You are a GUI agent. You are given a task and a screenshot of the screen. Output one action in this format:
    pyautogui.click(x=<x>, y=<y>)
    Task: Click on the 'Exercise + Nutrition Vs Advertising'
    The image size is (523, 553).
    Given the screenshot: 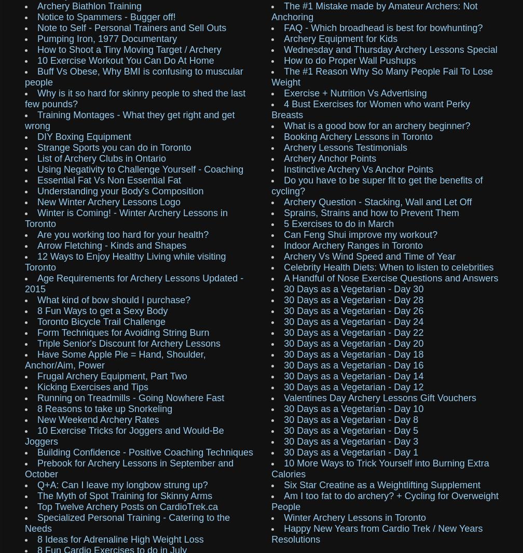 What is the action you would take?
    pyautogui.click(x=355, y=93)
    